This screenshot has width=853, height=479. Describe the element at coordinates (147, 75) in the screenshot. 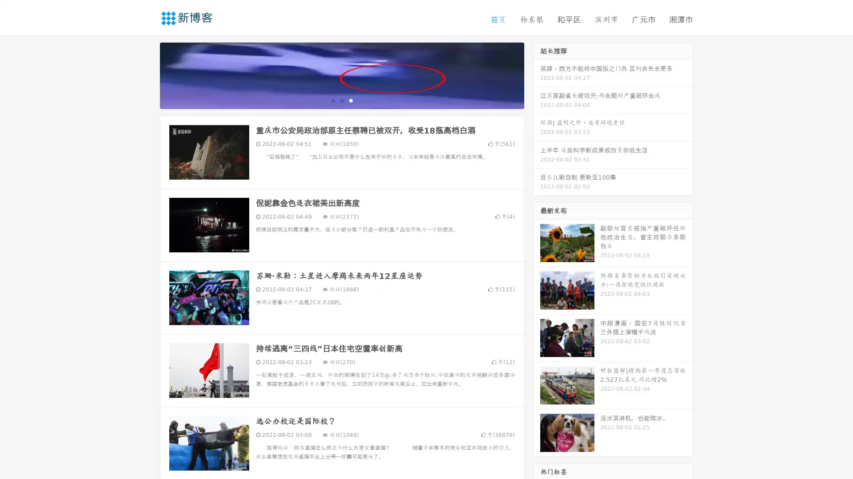

I see `Previous slide` at that location.